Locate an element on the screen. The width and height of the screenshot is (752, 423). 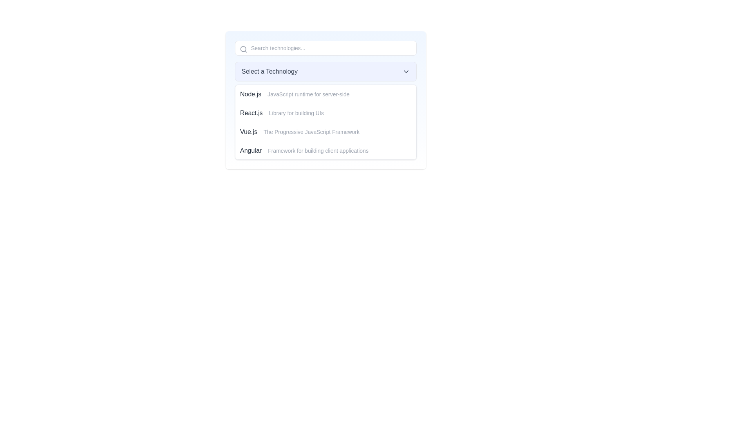
the text label for the technology selection, which is the second option in the list indicating 'Library for building UIs' is located at coordinates (251, 113).